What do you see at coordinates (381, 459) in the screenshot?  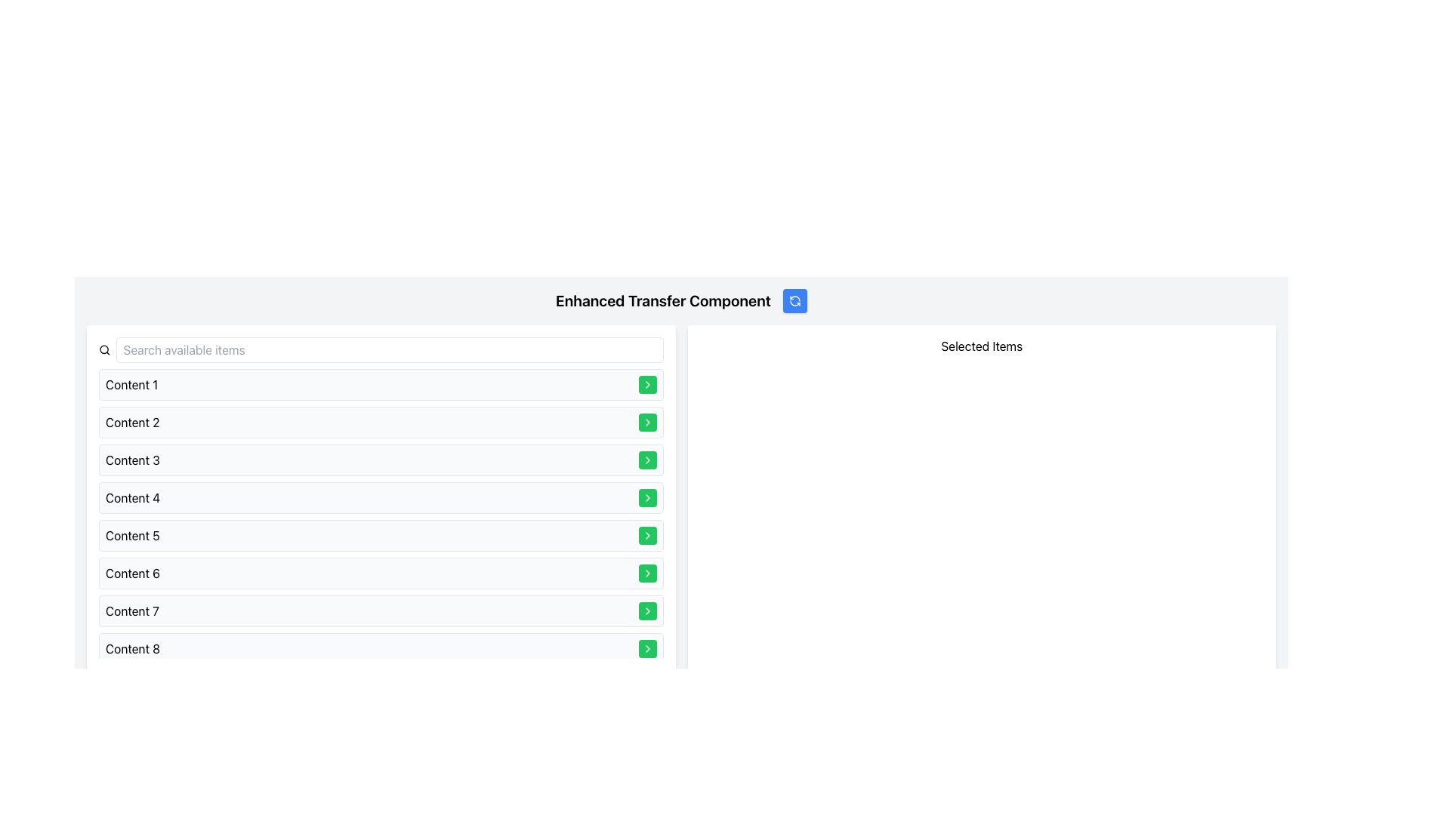 I see `the third selectable item labeled 'Content 3' in the list` at bounding box center [381, 459].